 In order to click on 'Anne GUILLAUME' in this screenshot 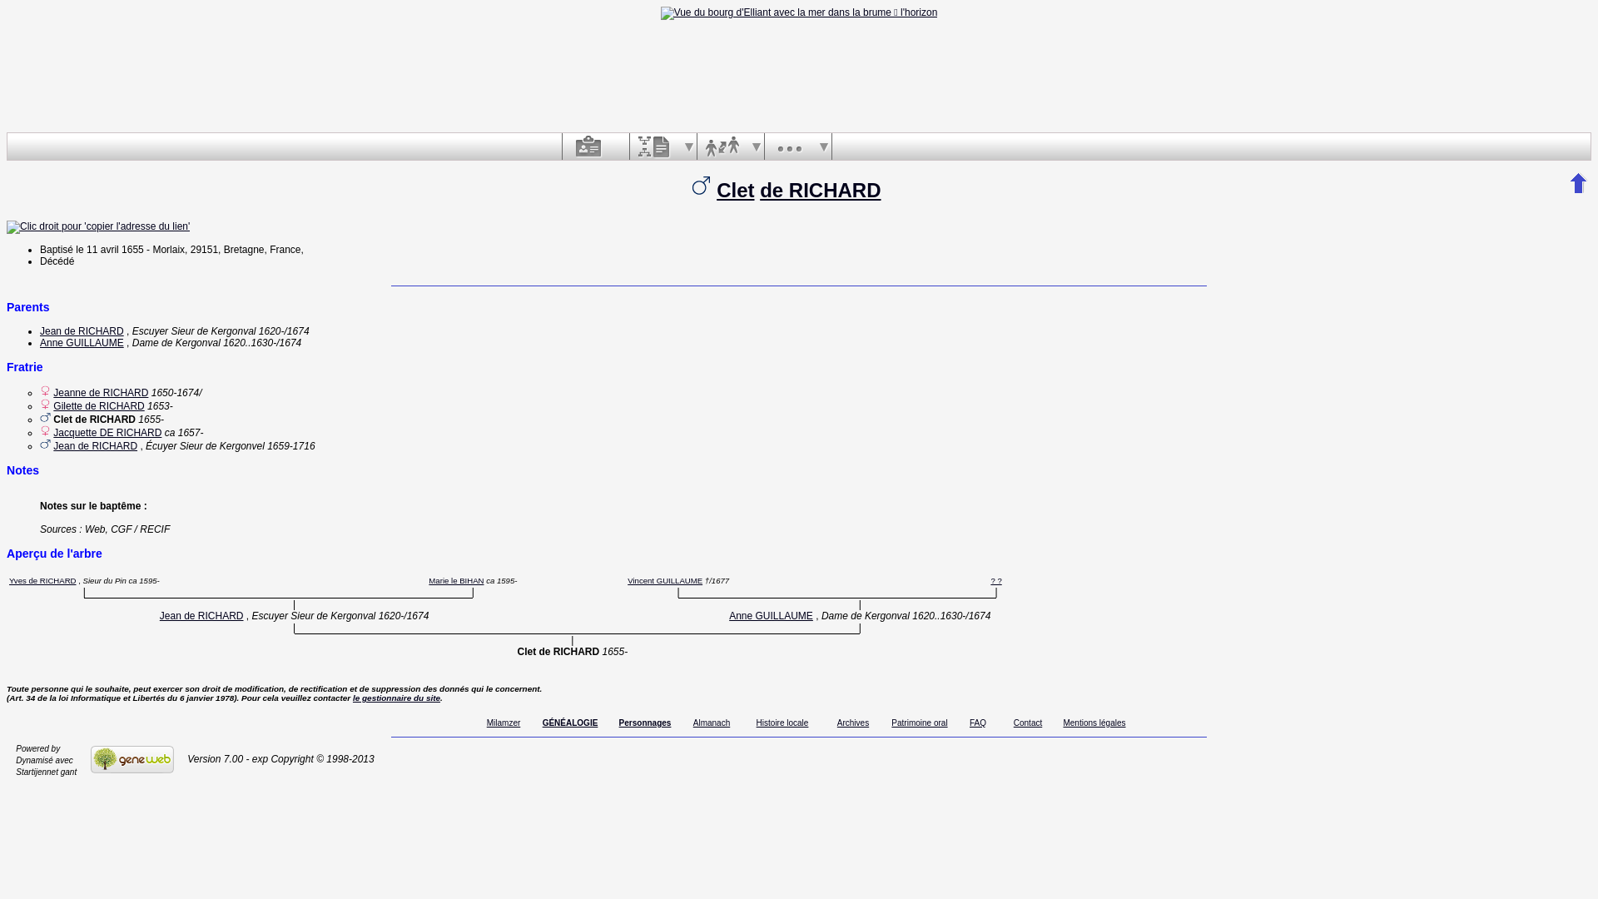, I will do `click(81, 342)`.